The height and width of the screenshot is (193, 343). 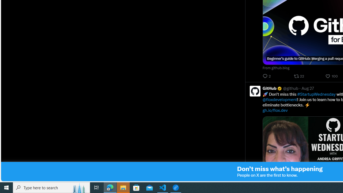 I want to click on '100 Likes. Like', so click(x=332, y=76).